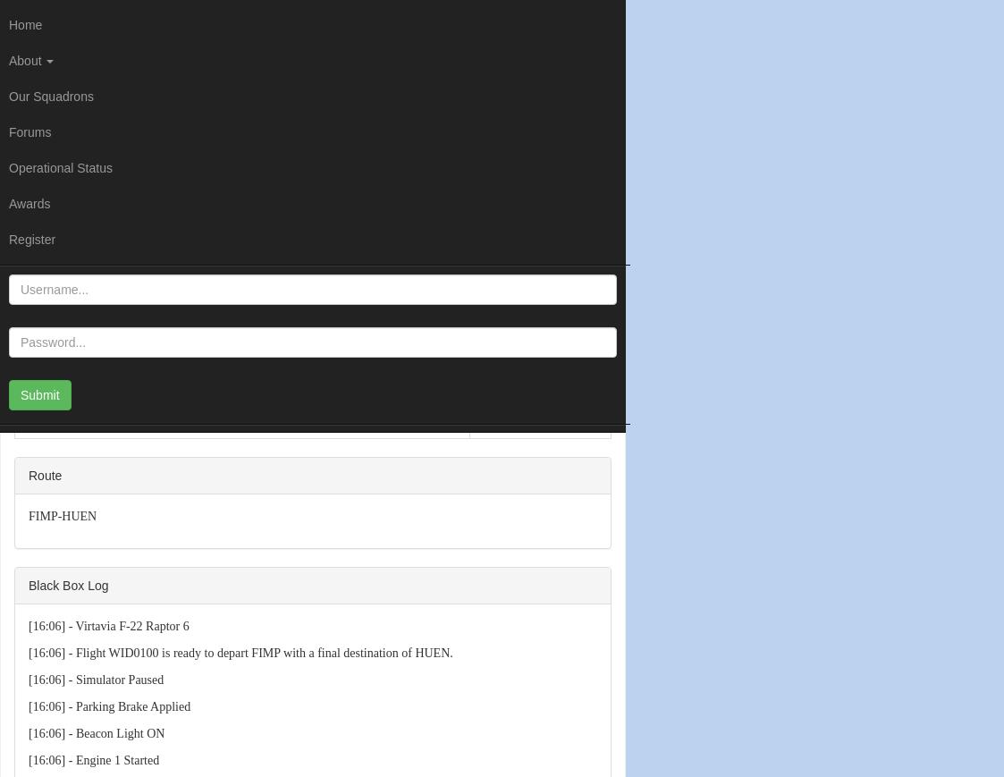 The image size is (1004, 777). I want to click on '[16:06] - Parking Brake Applied', so click(108, 705).